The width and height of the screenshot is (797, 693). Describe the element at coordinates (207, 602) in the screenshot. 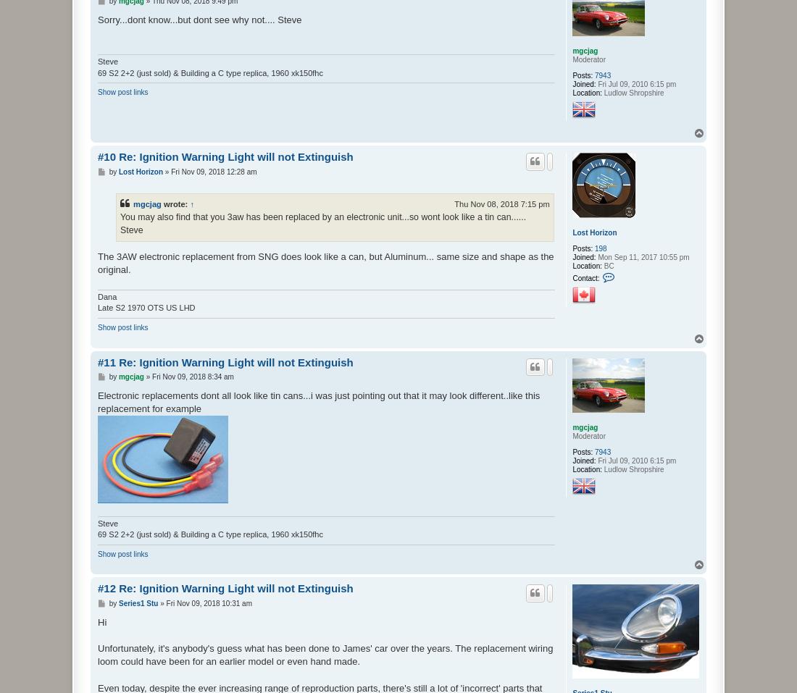

I see `'Fri Nov 09, 2018 10:31 am'` at that location.